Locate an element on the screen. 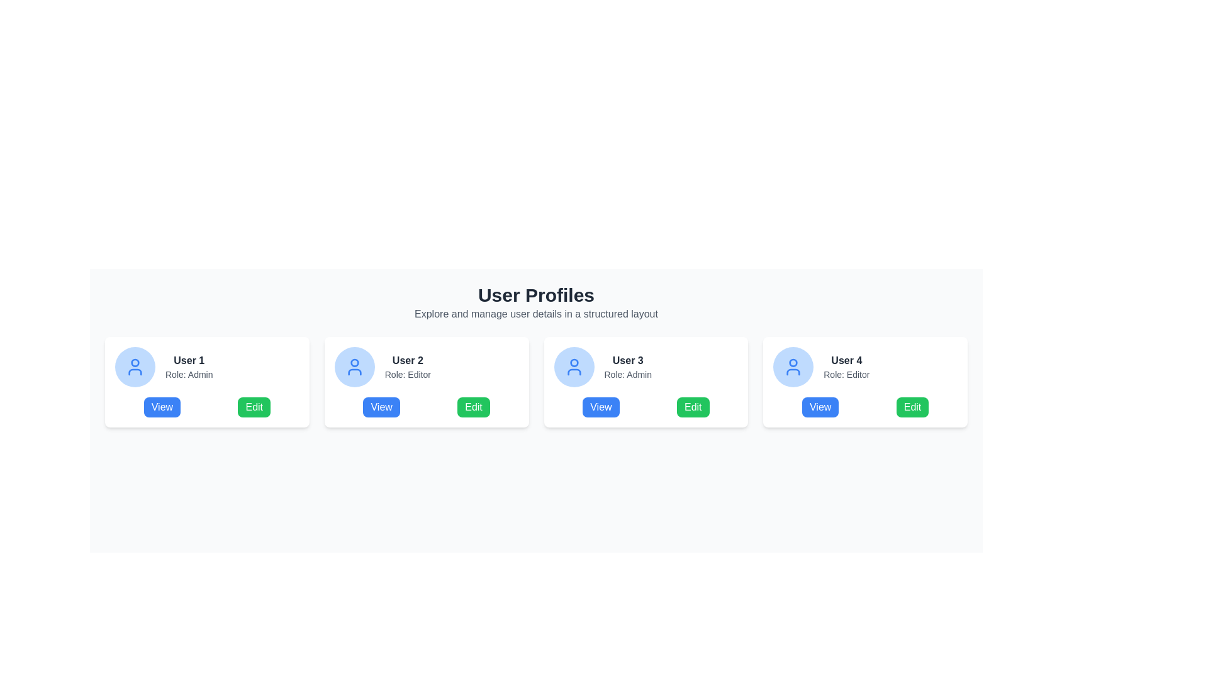  the blue circular user icon representing 'User 3' to interact with the user profile element depicted by the torso and shoulders SVG component is located at coordinates (573, 371).